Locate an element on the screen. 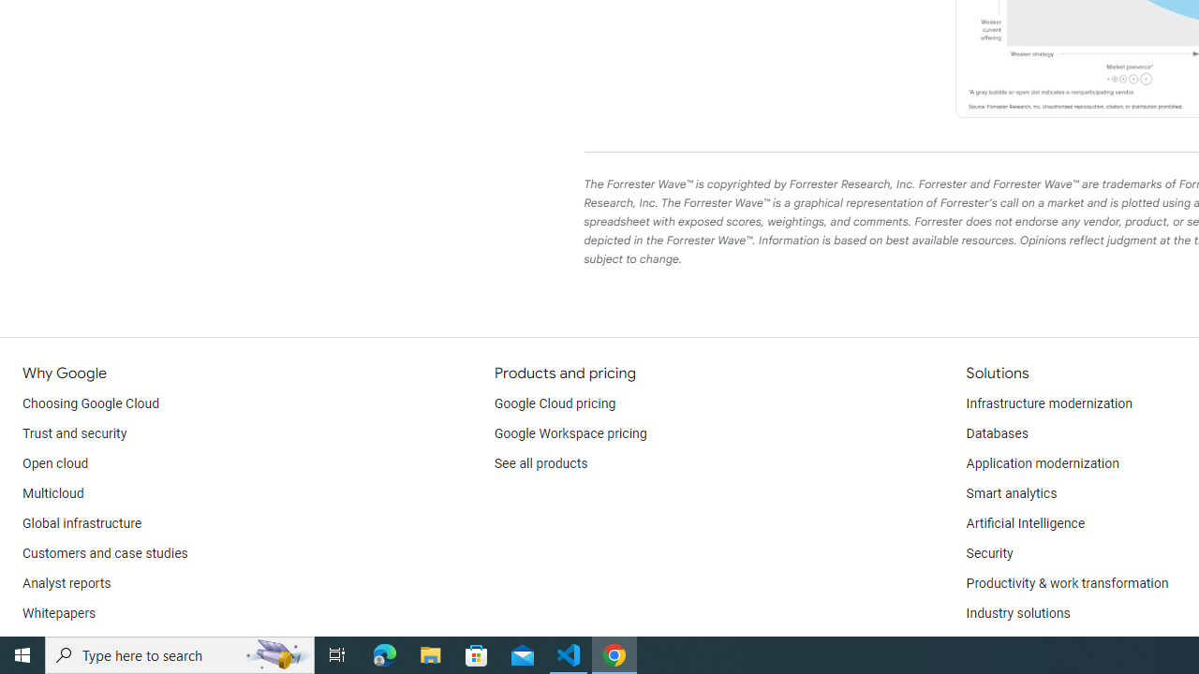 Image resolution: width=1199 pixels, height=674 pixels. 'Trust and security' is located at coordinates (75, 434).